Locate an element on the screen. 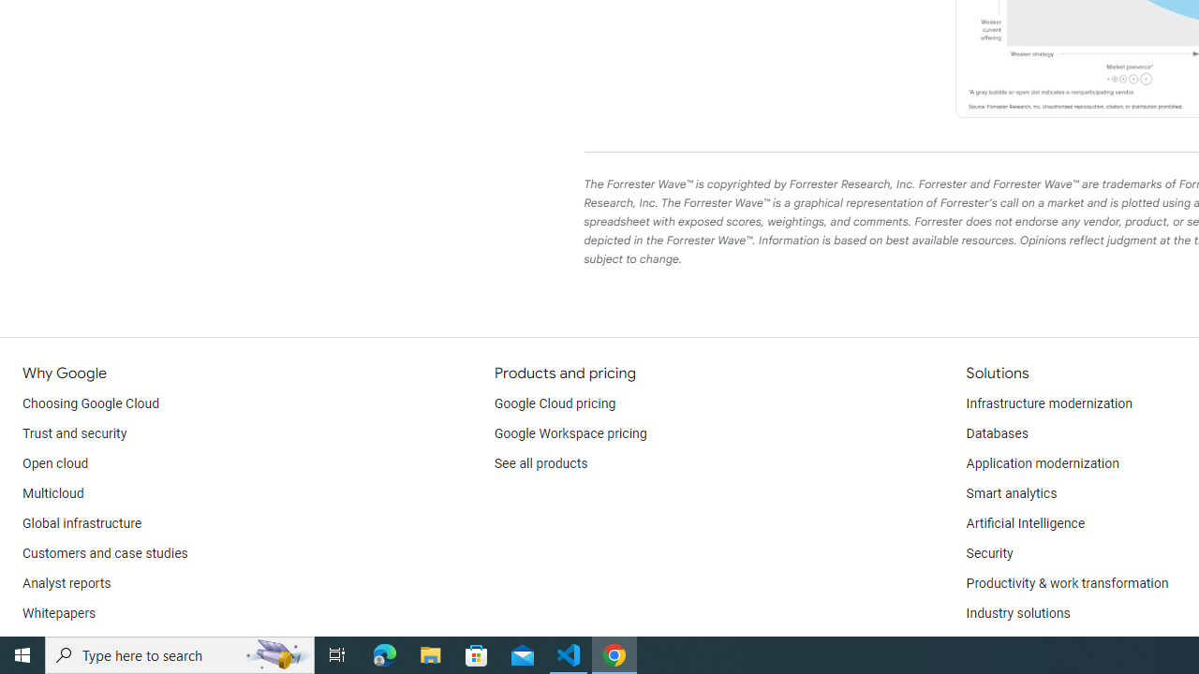 Image resolution: width=1199 pixels, height=674 pixels. 'Trust and security' is located at coordinates (75, 434).